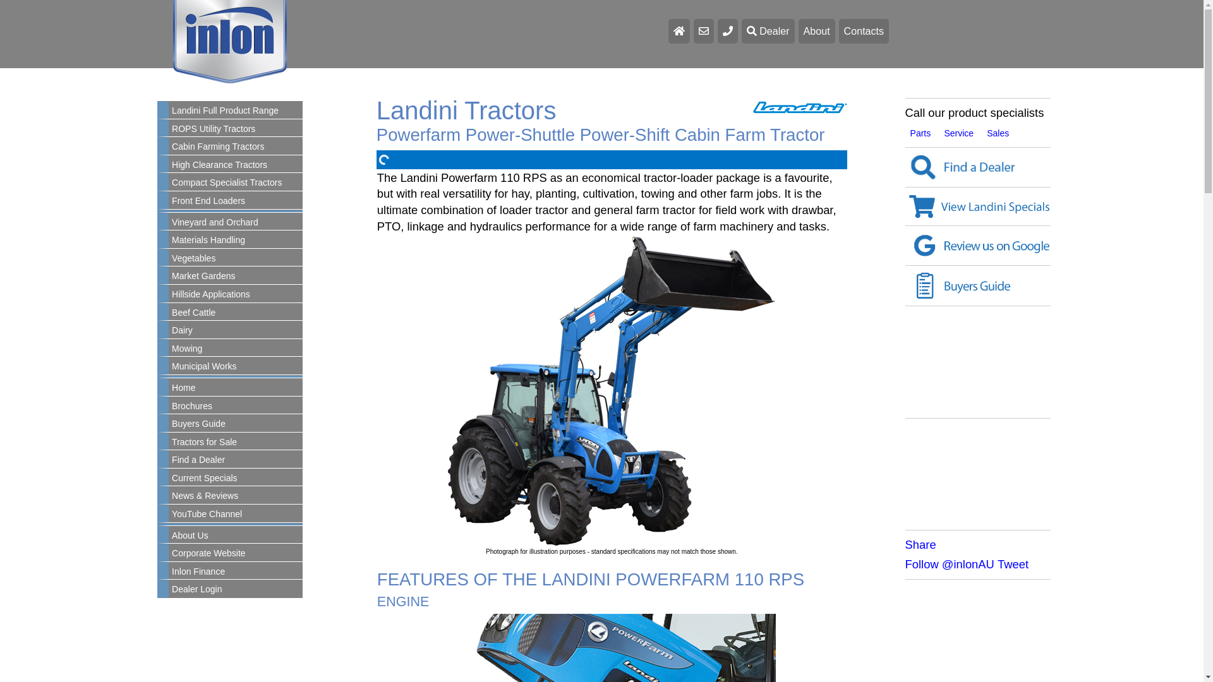 This screenshot has width=1213, height=682. I want to click on 'About Us', so click(236, 535).